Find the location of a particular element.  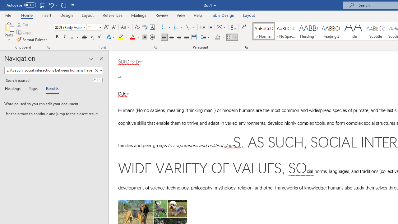

'Search document' is located at coordinates (49, 70).